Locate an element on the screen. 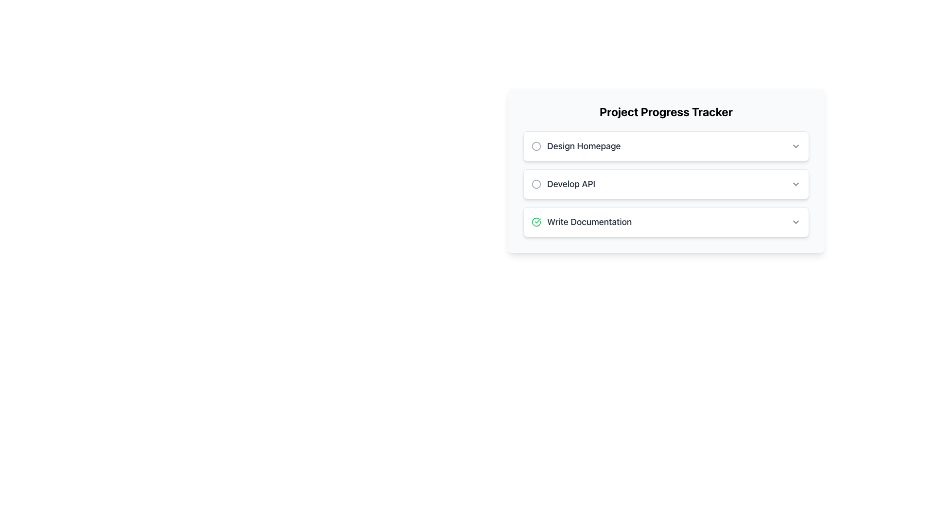 This screenshot has height=525, width=933. the arrow of the Dropdown Toggle located to the far right of the 'Project Progress Tracker' interface is located at coordinates (795, 184).